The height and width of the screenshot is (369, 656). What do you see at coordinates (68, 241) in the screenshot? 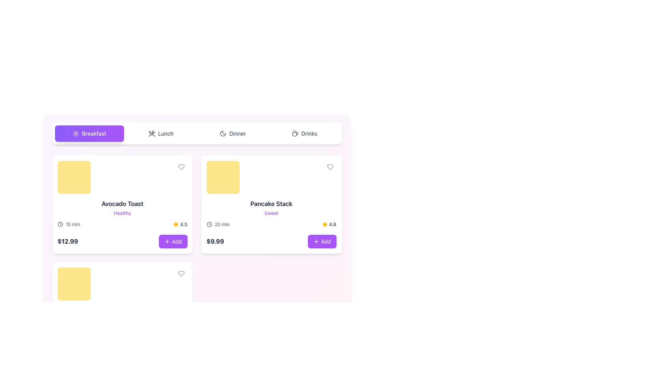
I see `the bold, large-sized text label displaying the price '$12.99' in dark gray color, which is located at the bottom left corner of the card representing 'Avocado Toast'` at bounding box center [68, 241].